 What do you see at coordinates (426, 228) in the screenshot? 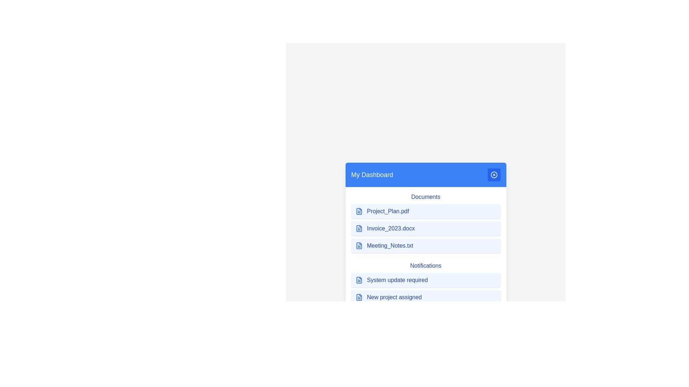
I see `the item Invoice_2023.docx from the menu` at bounding box center [426, 228].